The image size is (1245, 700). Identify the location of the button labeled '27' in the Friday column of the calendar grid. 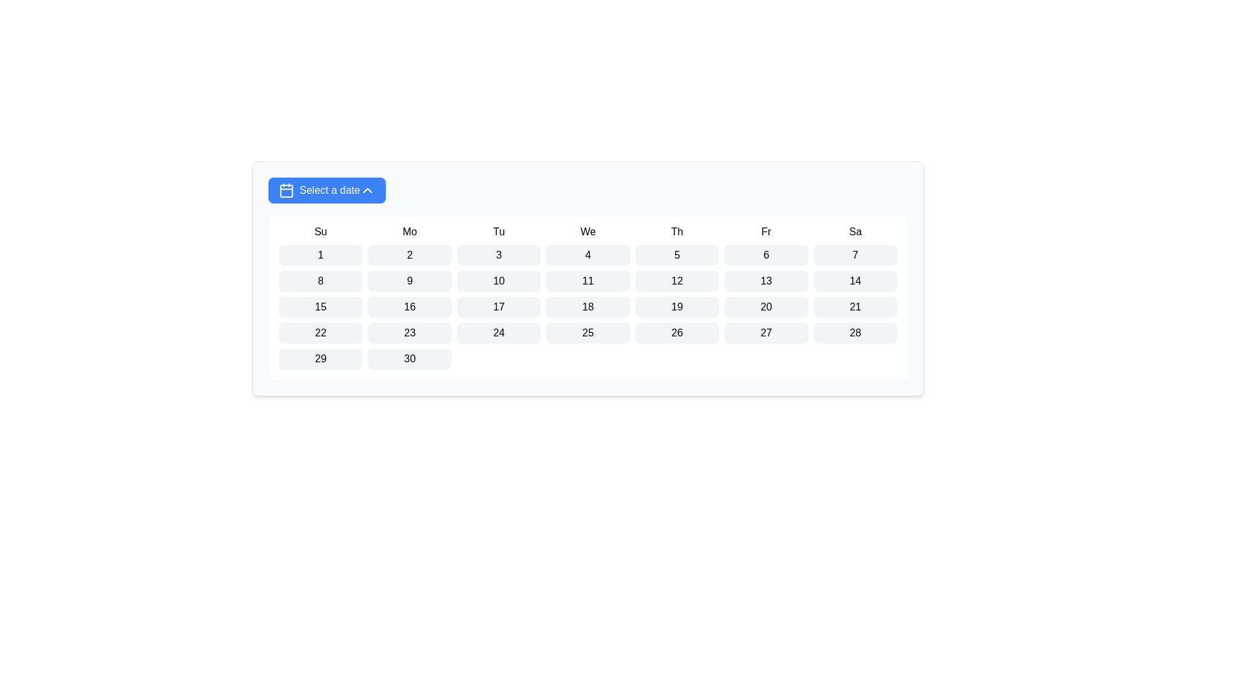
(766, 332).